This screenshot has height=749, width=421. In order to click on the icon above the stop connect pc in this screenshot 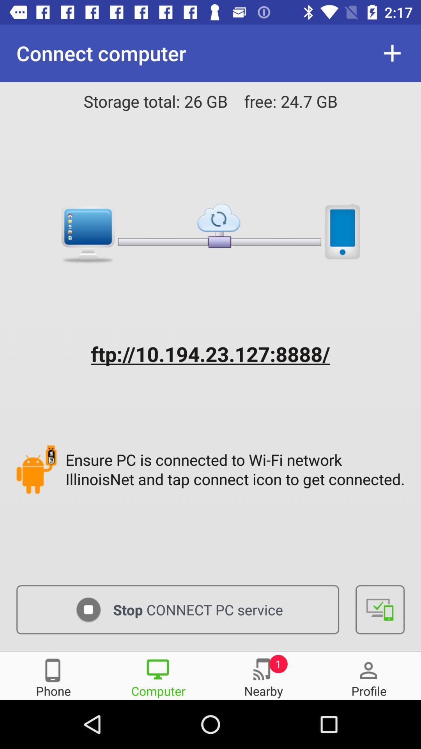, I will do `click(237, 469)`.